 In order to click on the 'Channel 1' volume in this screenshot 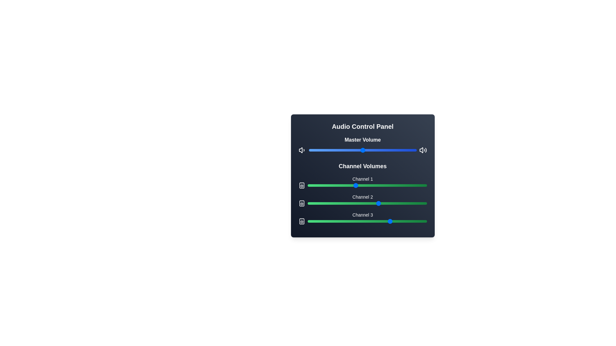, I will do `click(404, 185)`.